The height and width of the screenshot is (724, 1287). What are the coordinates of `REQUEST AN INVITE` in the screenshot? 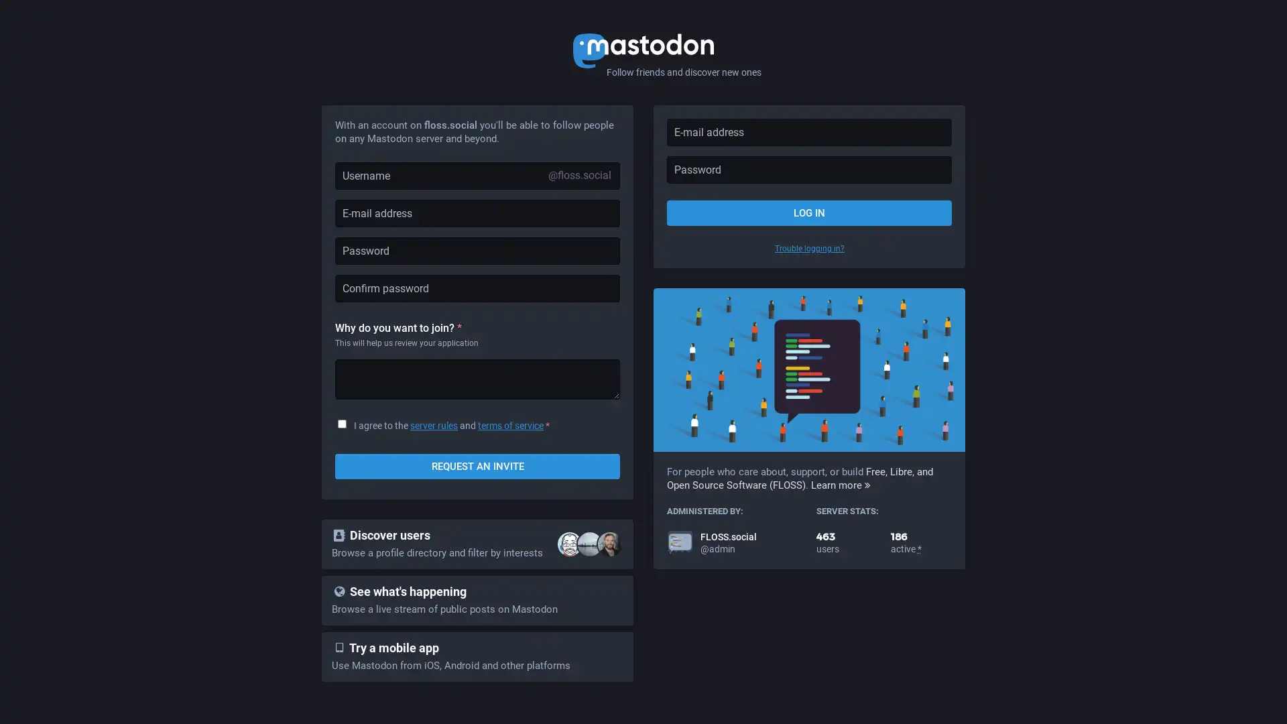 It's located at (477, 465).